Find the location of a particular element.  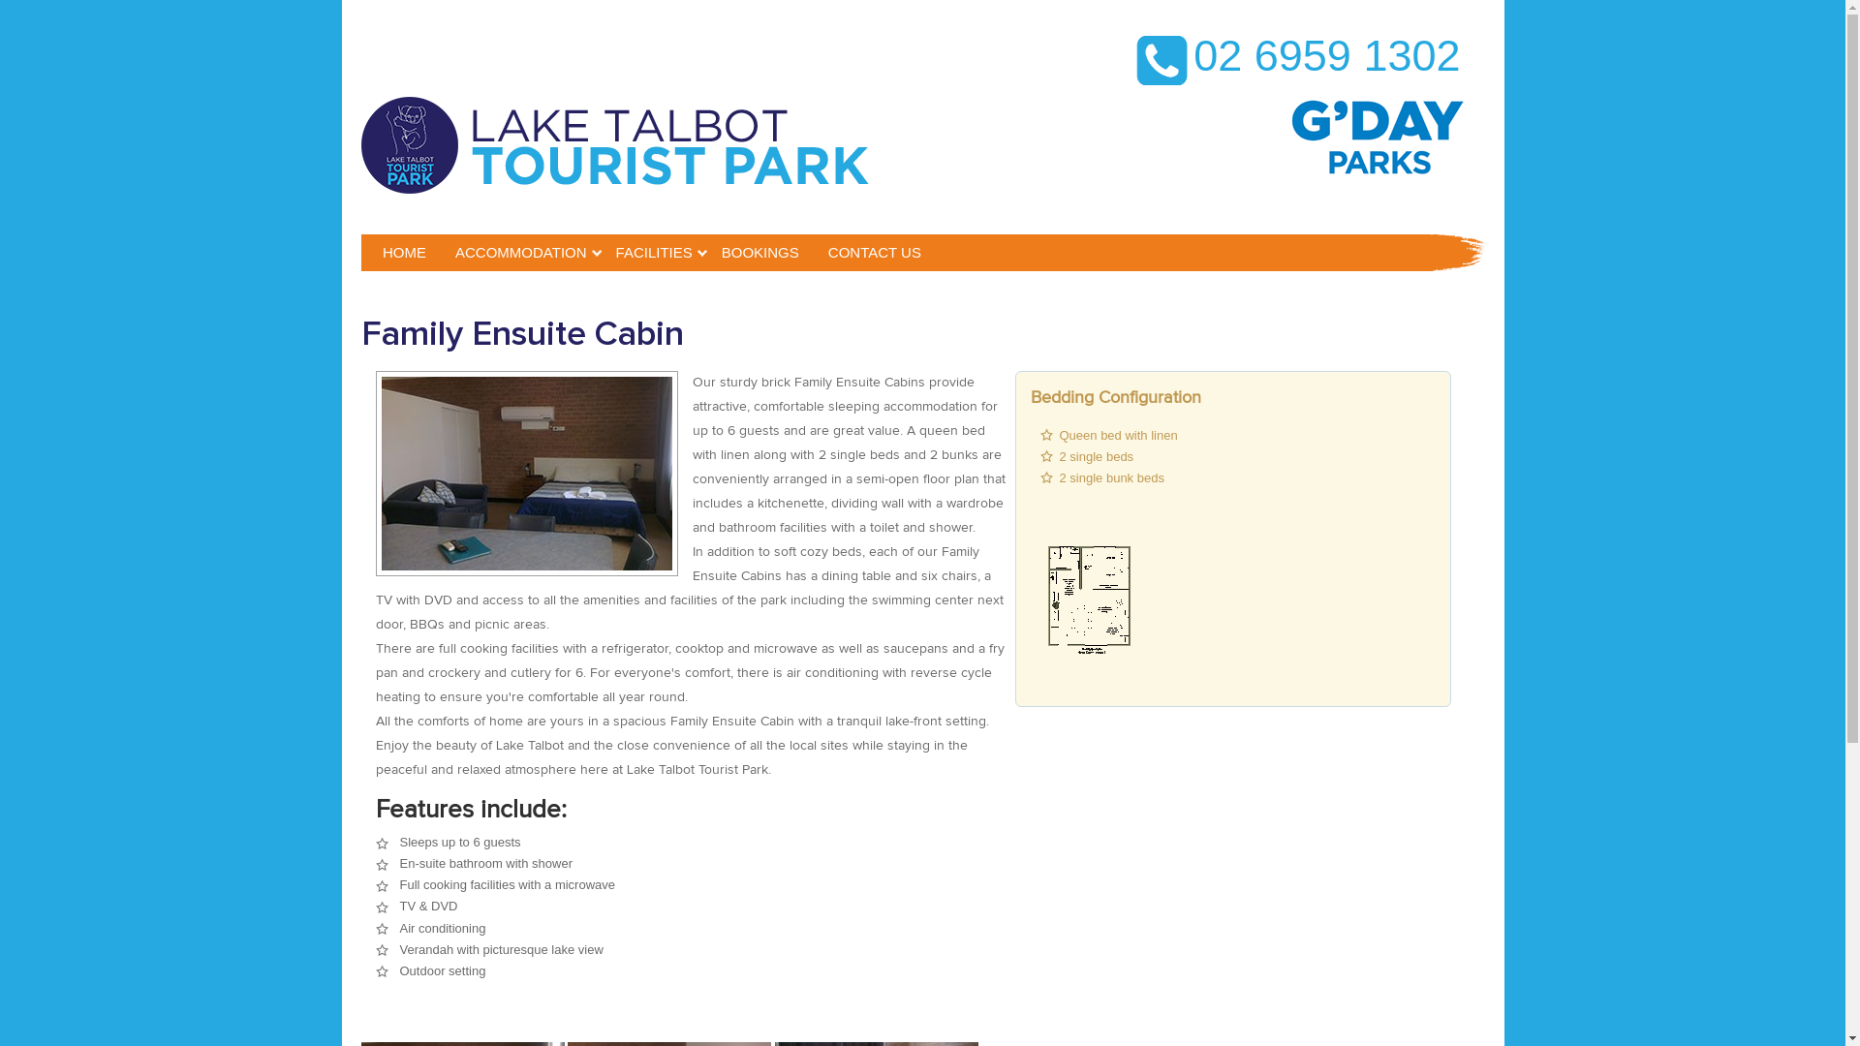

'ACCOMMODATION' is located at coordinates (520, 252).